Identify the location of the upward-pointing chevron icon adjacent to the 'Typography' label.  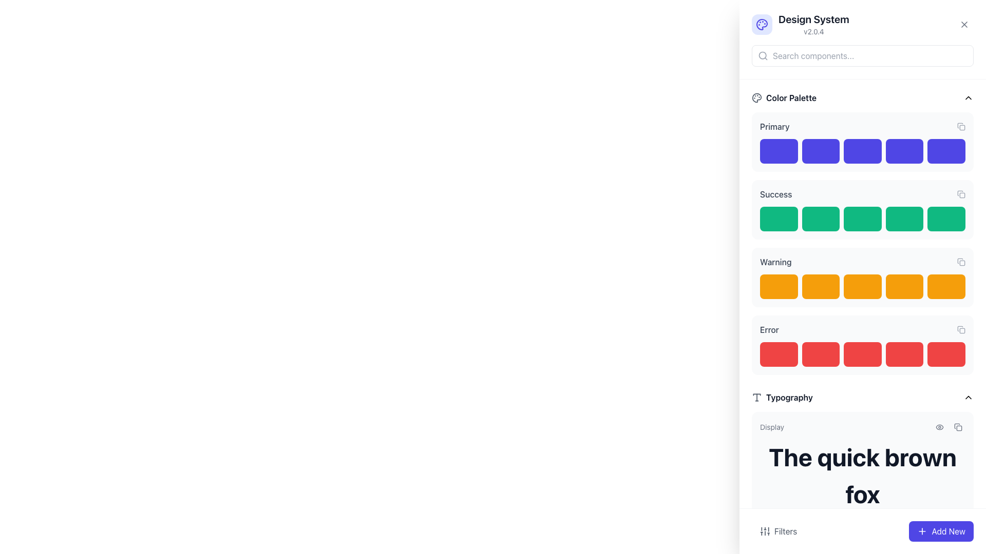
(968, 397).